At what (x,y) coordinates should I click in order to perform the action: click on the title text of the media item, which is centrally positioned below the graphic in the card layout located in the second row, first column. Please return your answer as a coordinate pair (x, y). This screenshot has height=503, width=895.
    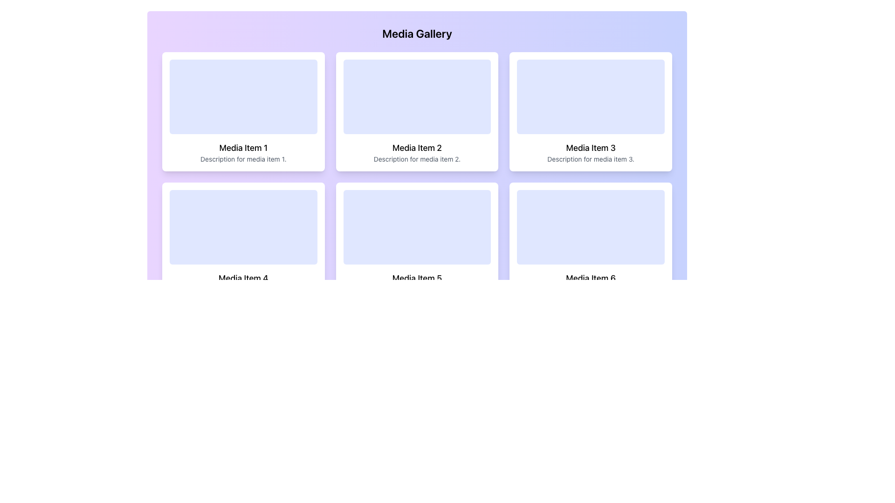
    Looking at the image, I should click on (243, 278).